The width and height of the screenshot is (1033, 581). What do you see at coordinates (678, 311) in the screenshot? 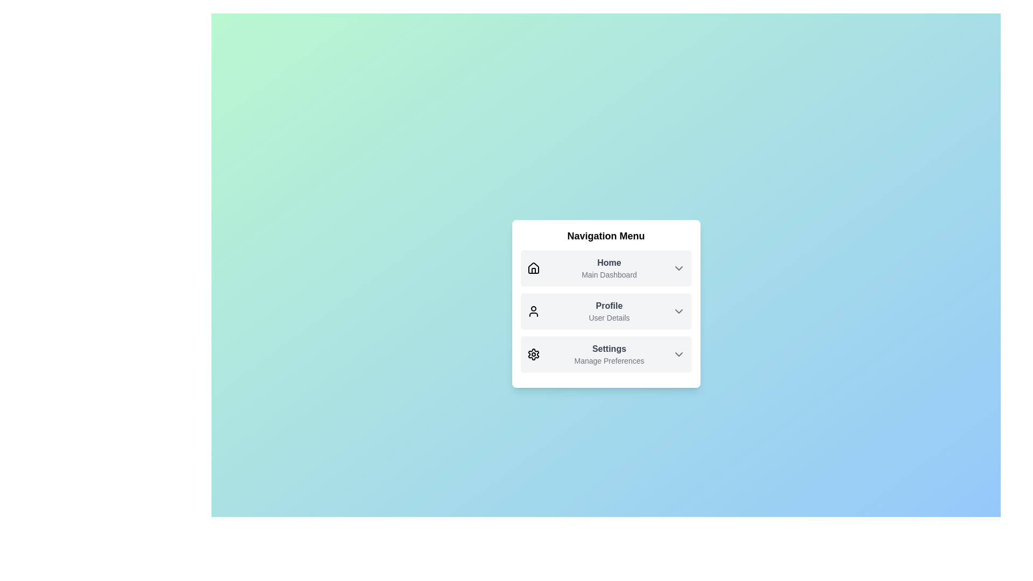
I see `the ChevronDown icon for Profile to expand or collapse the dropdown` at bounding box center [678, 311].